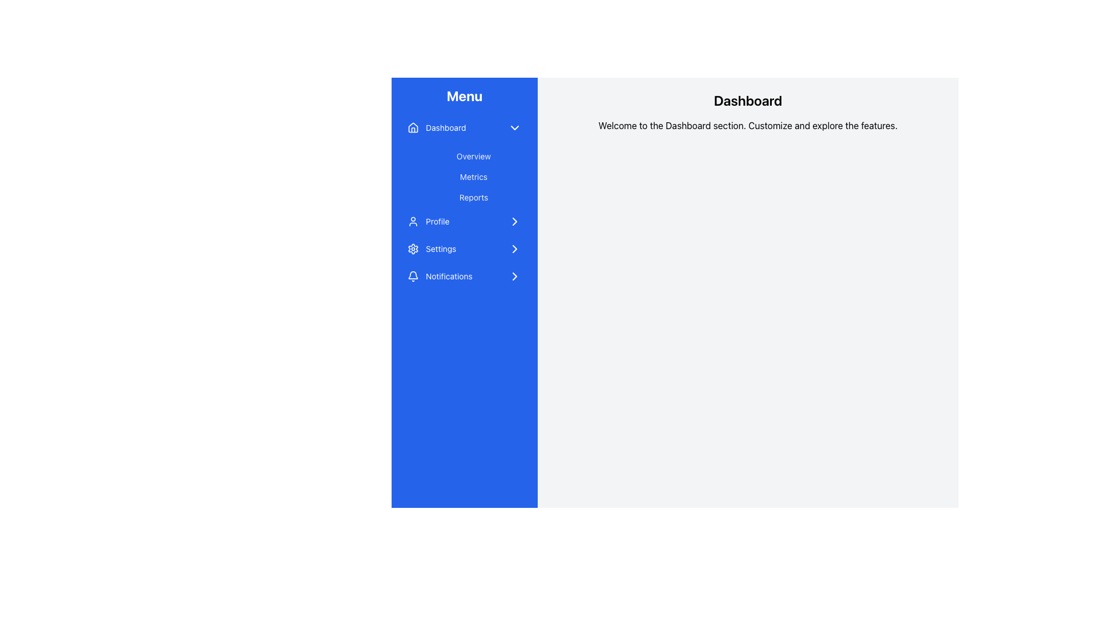  I want to click on the navigational icon at the far-right end of the 'Profile' section in the side menu, so click(514, 222).